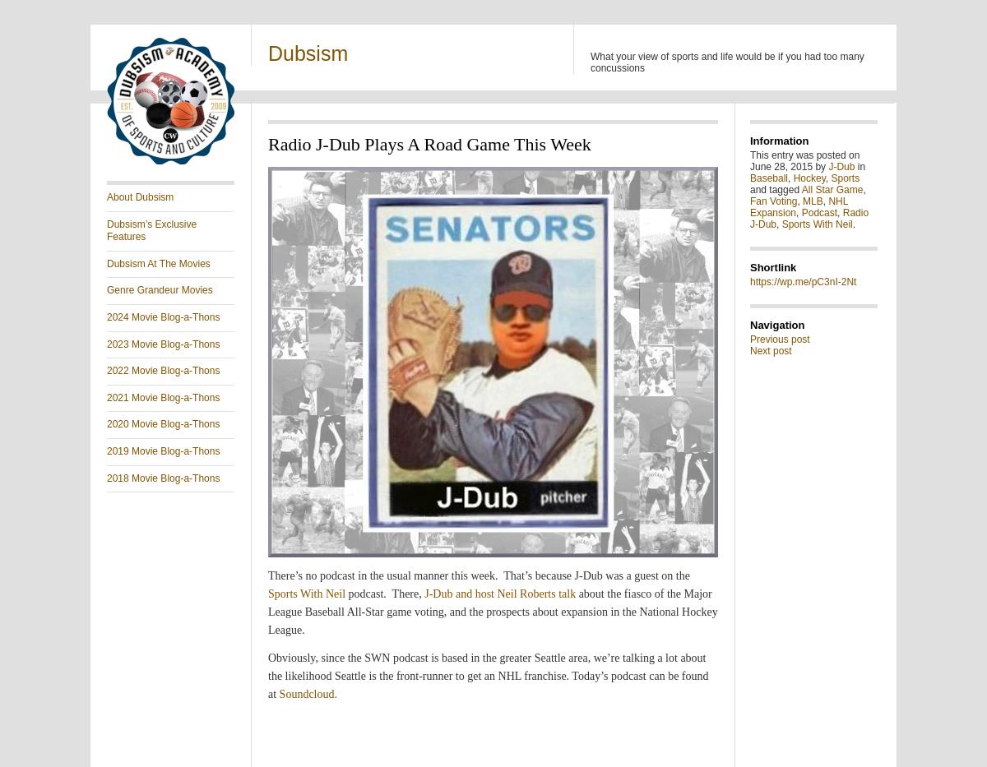 This screenshot has width=987, height=767. What do you see at coordinates (801, 212) in the screenshot?
I see `'Podcast'` at bounding box center [801, 212].